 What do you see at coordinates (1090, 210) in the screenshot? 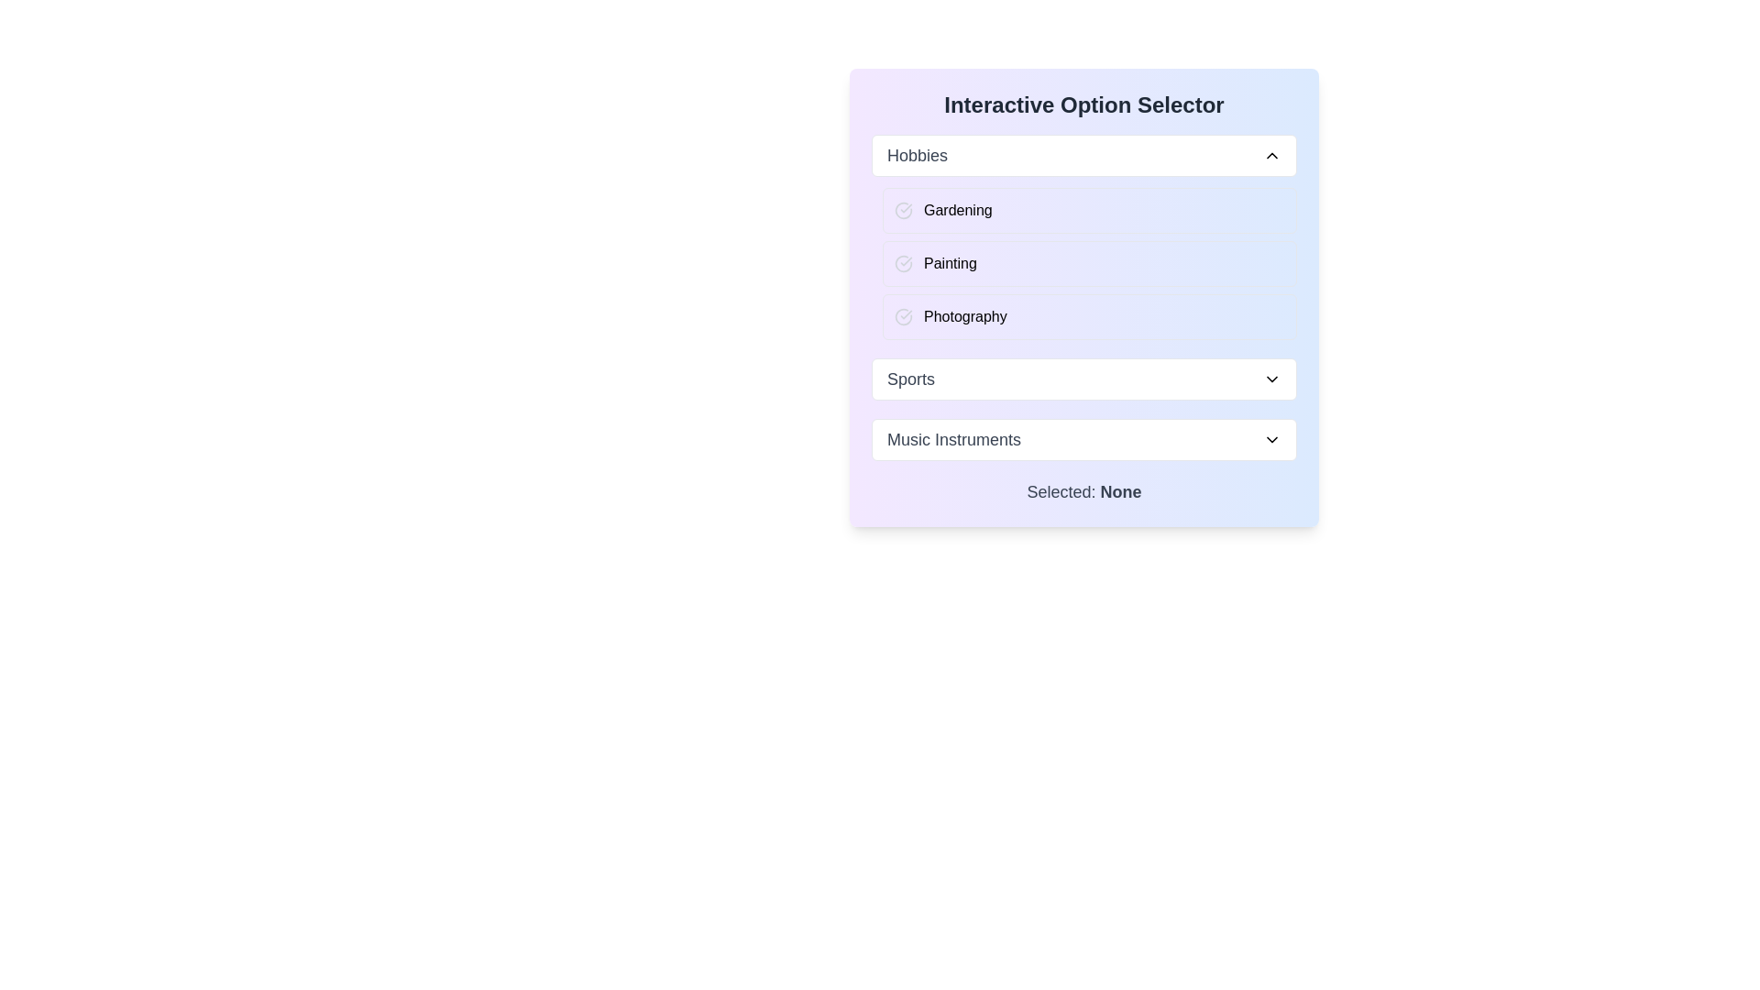
I see `the 'Gardening' option in the Hobbies dropdown` at bounding box center [1090, 210].